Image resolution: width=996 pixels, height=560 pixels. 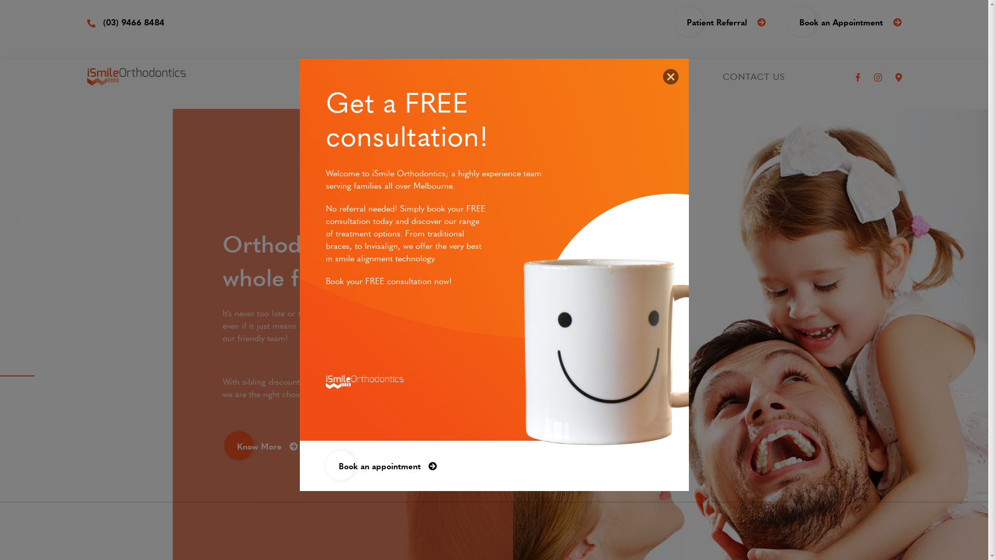 What do you see at coordinates (87, 76) in the screenshot?
I see `'ismile orthodontics bundoora'` at bounding box center [87, 76].